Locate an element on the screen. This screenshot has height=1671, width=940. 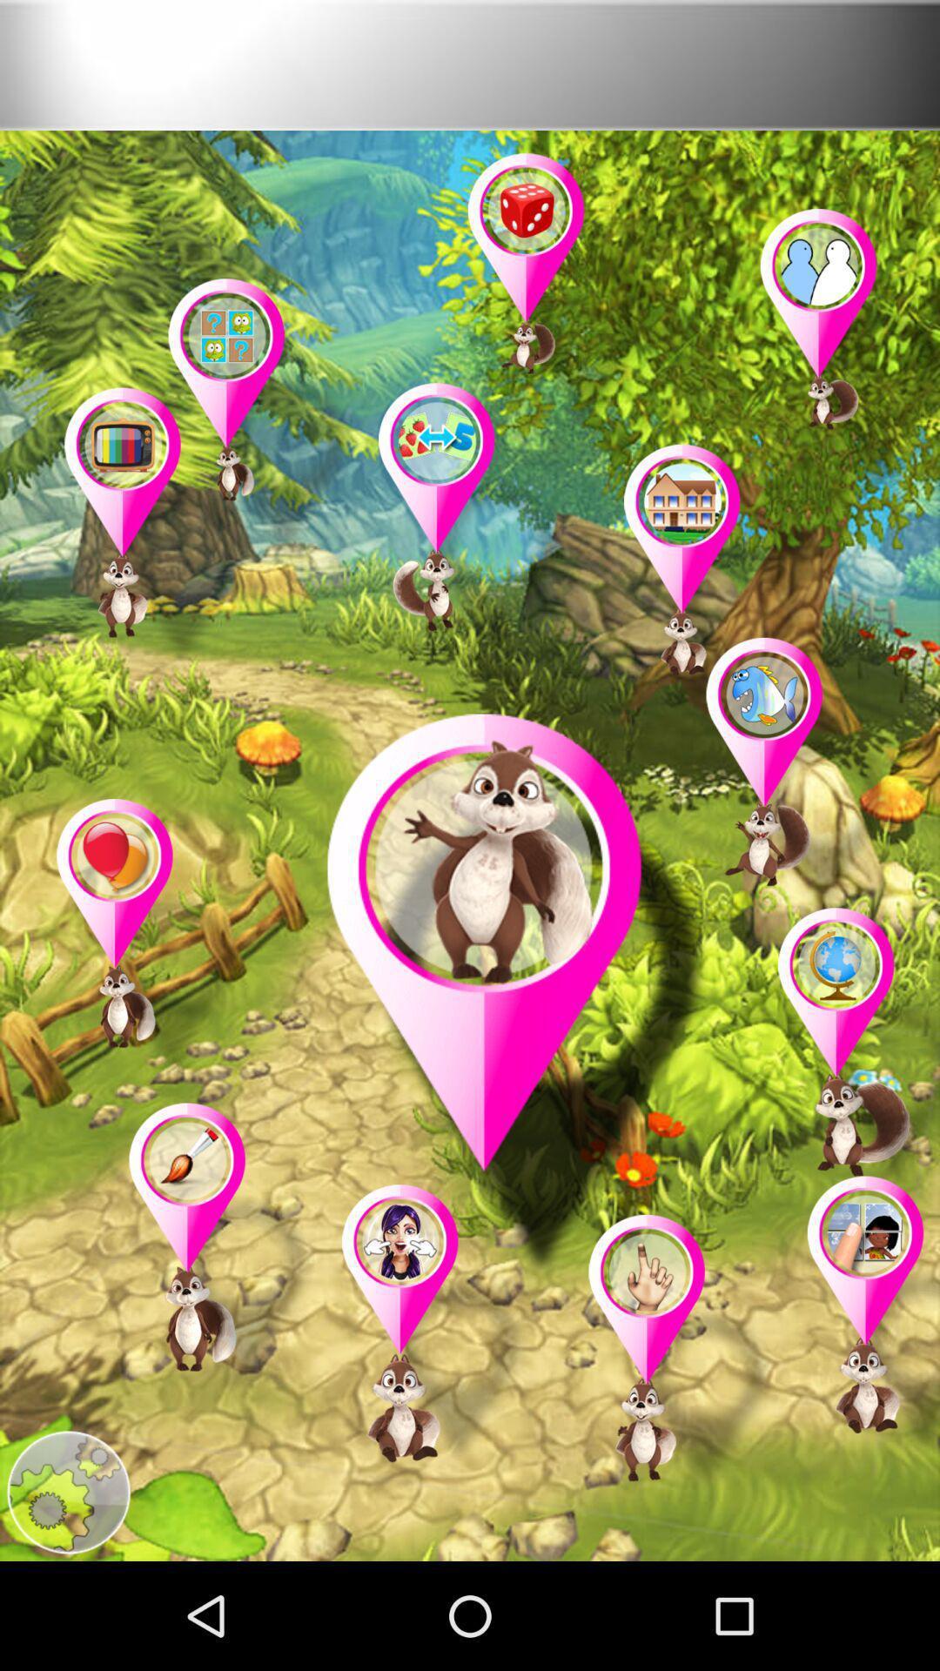
game is located at coordinates (864, 1319).